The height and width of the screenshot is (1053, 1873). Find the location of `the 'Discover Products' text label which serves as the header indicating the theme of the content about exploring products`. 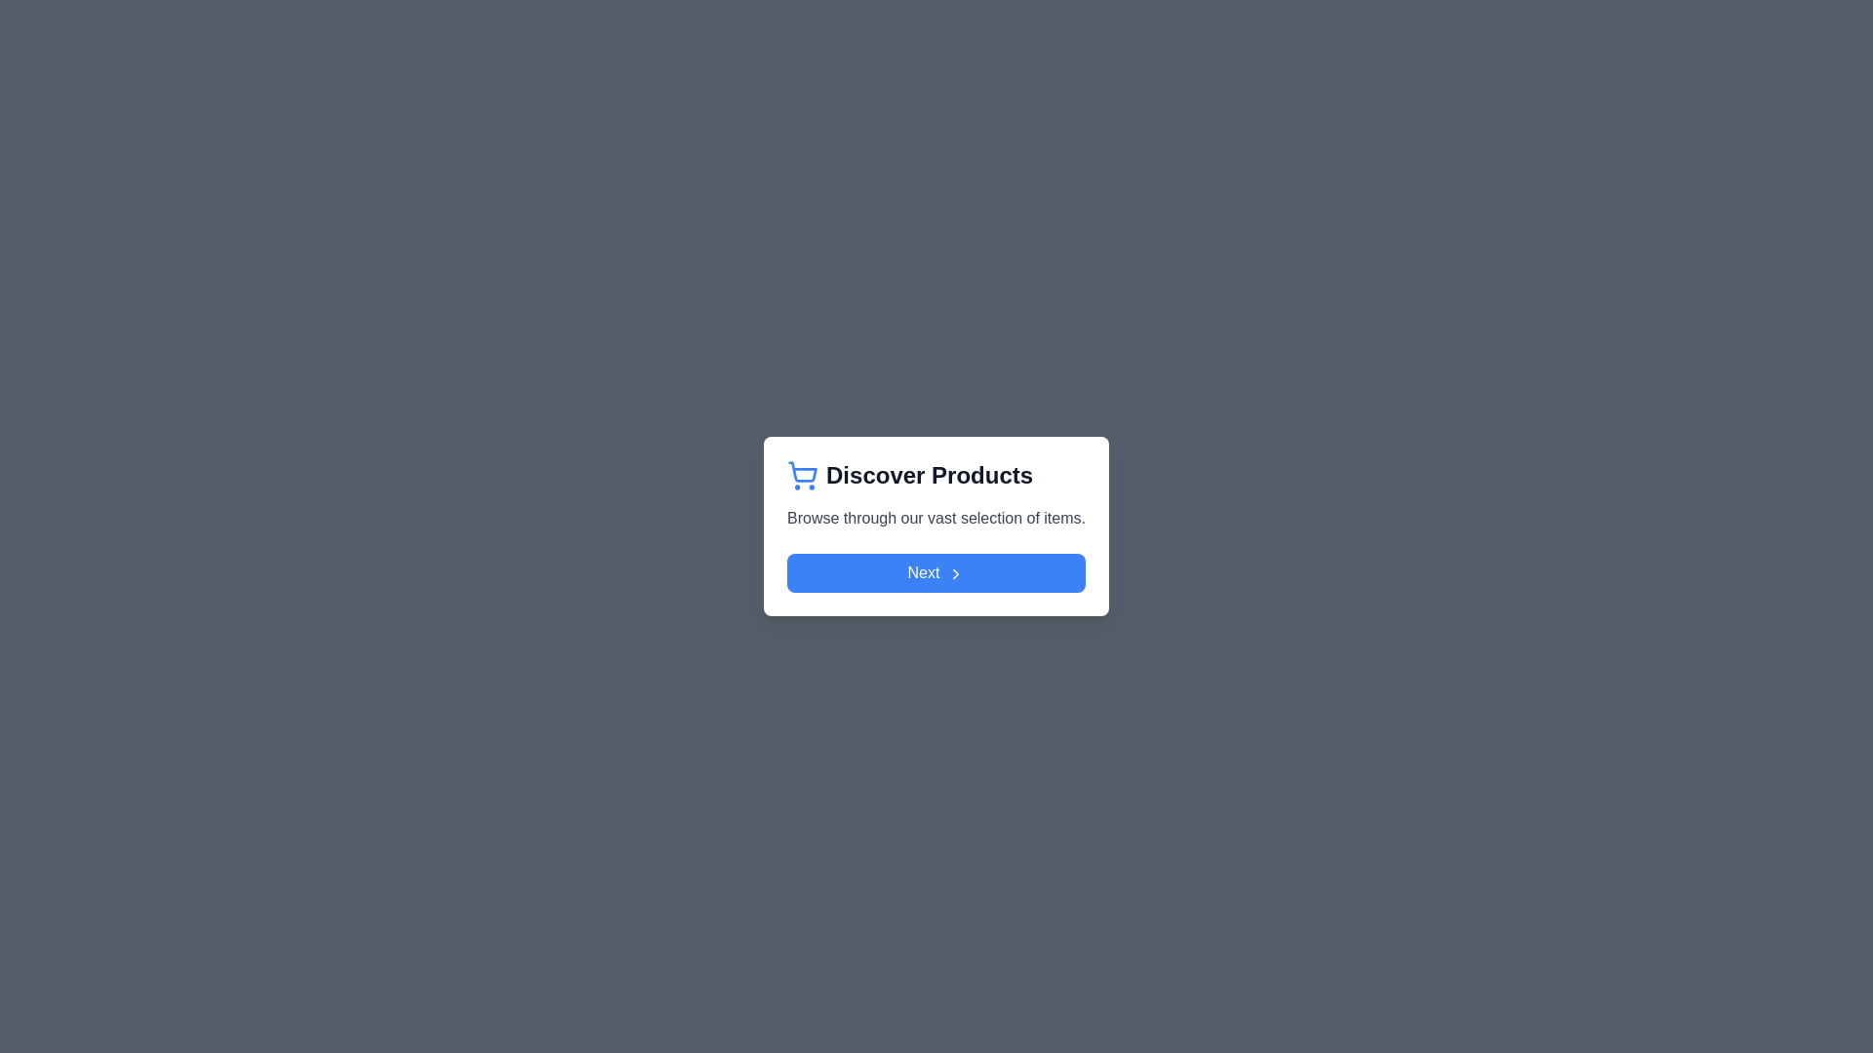

the 'Discover Products' text label which serves as the header indicating the theme of the content about exploring products is located at coordinates (929, 476).